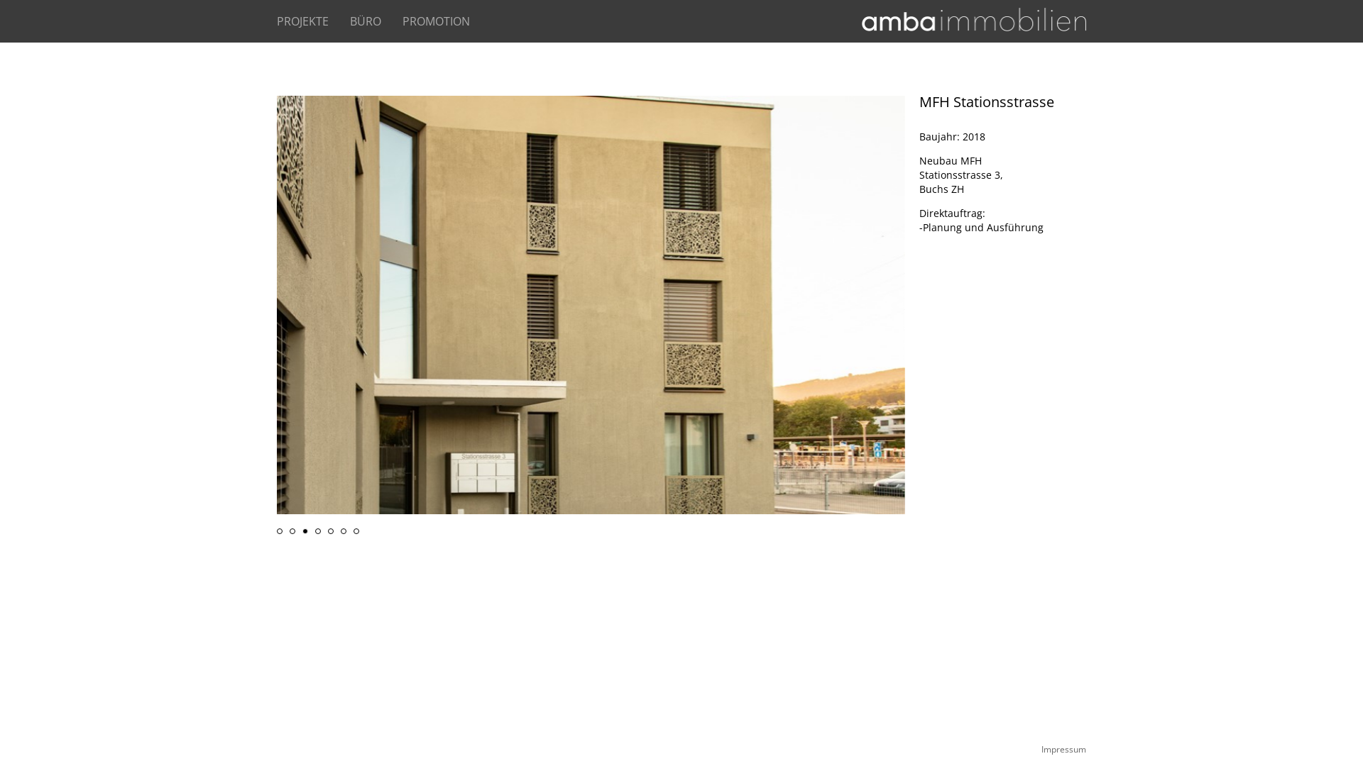 The width and height of the screenshot is (1363, 766). Describe the element at coordinates (279, 531) in the screenshot. I see `'1'` at that location.